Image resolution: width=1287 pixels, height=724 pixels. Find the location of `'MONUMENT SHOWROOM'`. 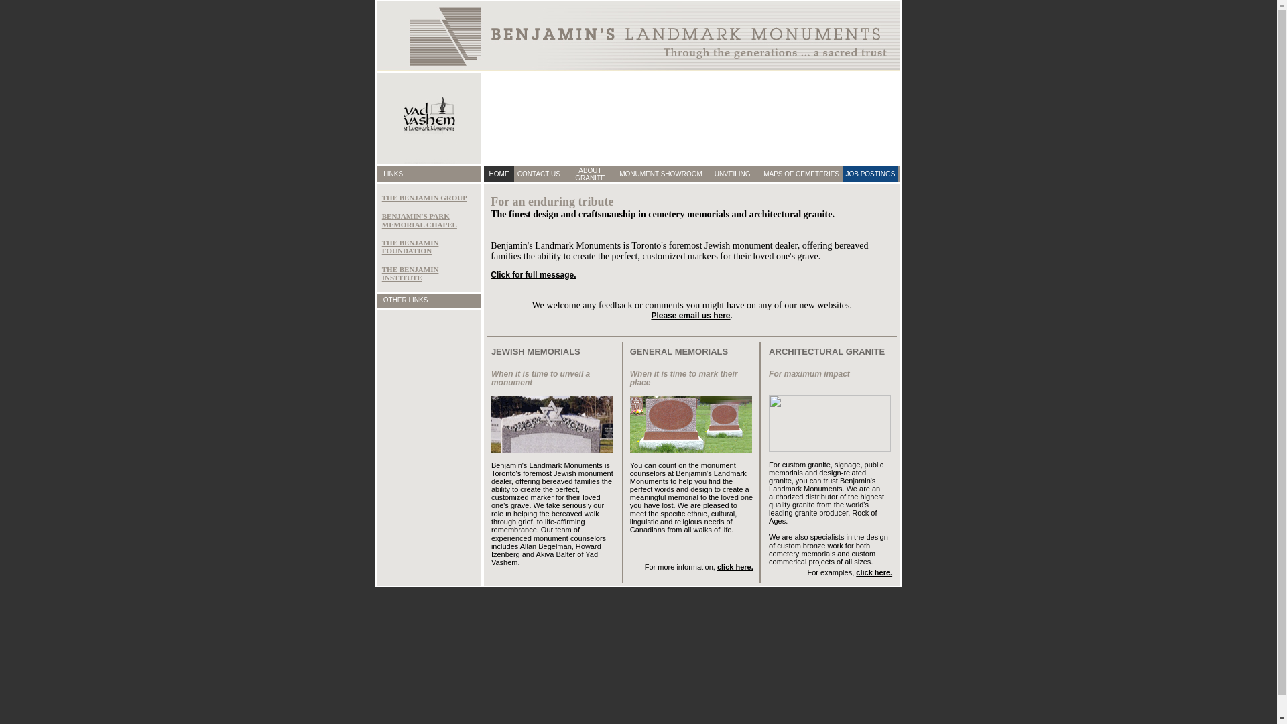

'MONUMENT SHOWROOM' is located at coordinates (619, 173).